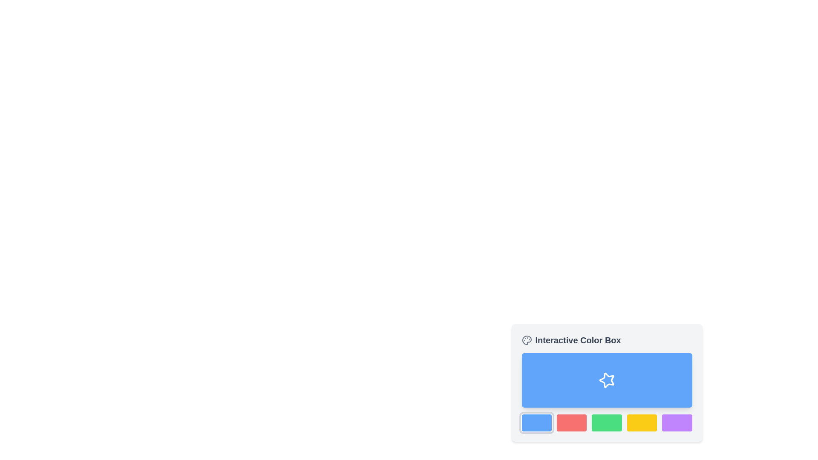  I want to click on the small palette icon, which is a circular shape with multiple dots representing paint colors, located on the left side of the 'Interactive Color Box' text, so click(526, 339).